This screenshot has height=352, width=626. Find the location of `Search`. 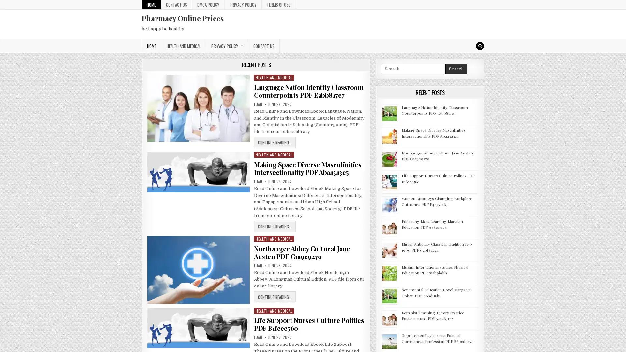

Search is located at coordinates (456, 69).